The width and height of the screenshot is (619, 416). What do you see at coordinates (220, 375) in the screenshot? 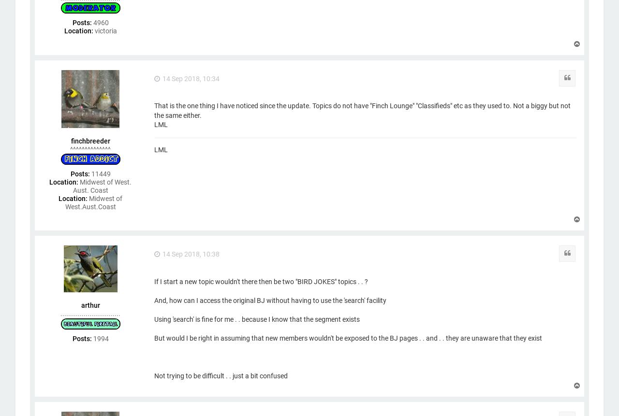
I see `'Not trying to be difficult . . just a bit confused'` at bounding box center [220, 375].